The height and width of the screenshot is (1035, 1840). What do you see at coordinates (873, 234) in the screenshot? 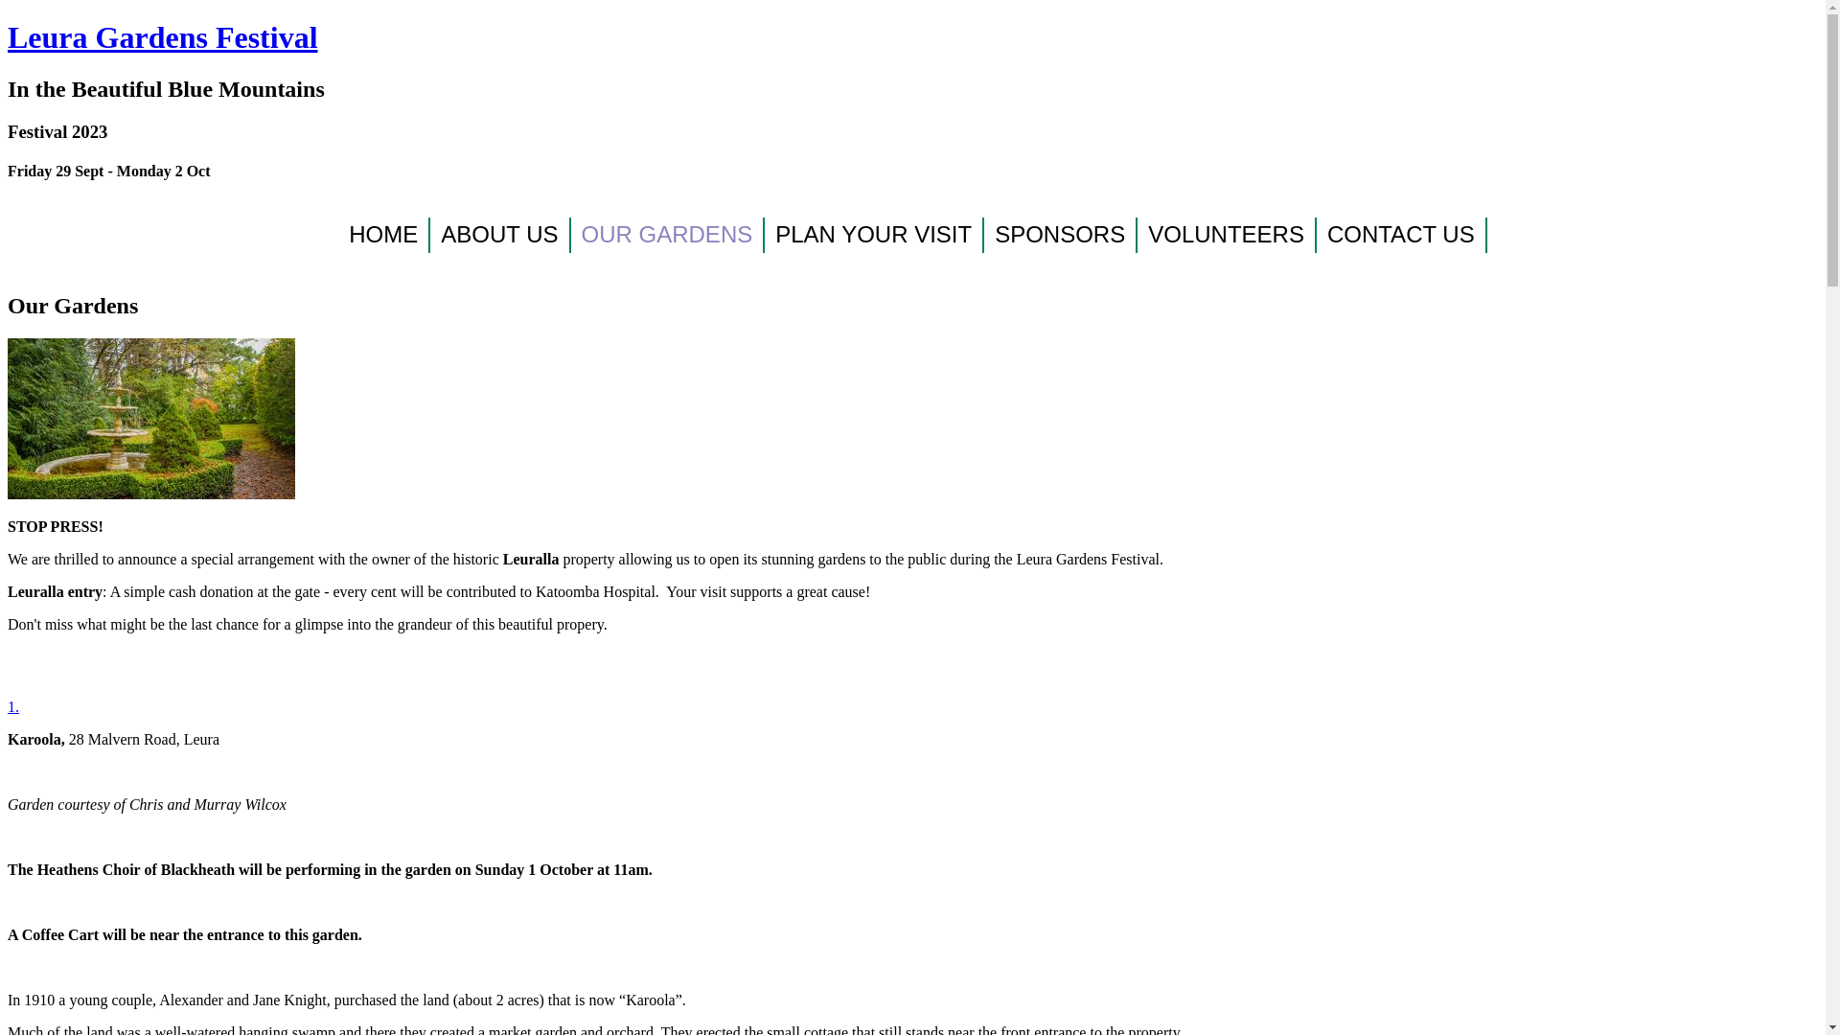
I see `'PLAN YOUR VISIT'` at bounding box center [873, 234].